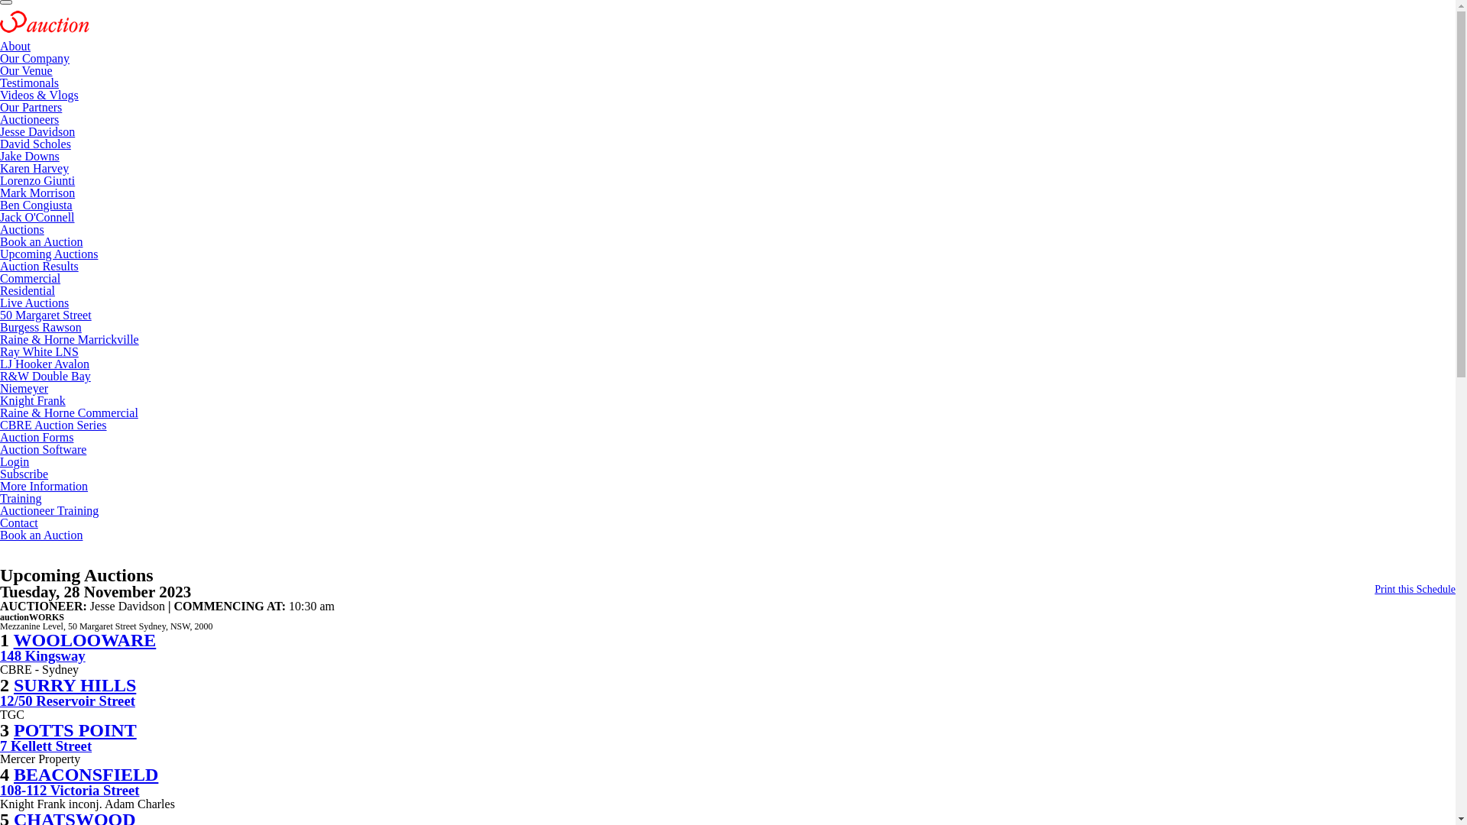 This screenshot has width=1467, height=825. Describe the element at coordinates (43, 448) in the screenshot. I see `'Auction Software'` at that location.